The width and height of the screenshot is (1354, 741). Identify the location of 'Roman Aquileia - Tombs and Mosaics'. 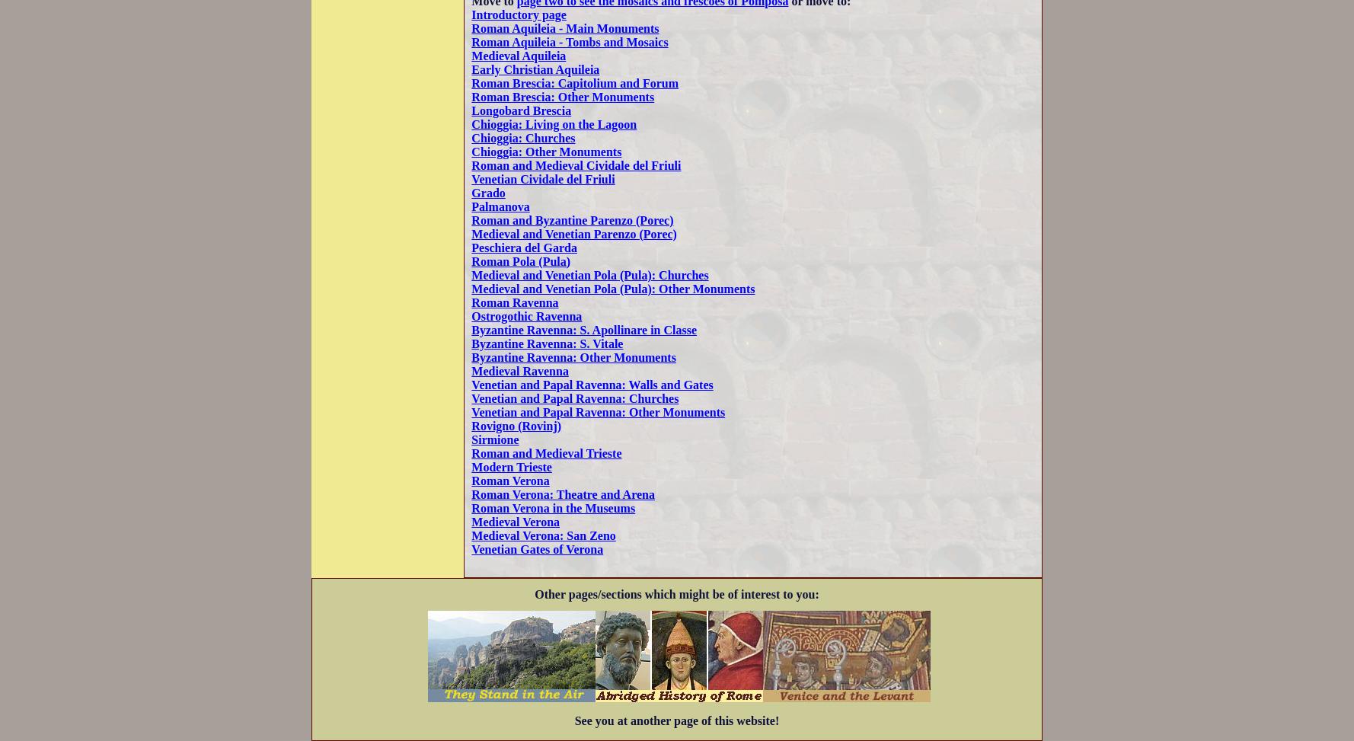
(569, 41).